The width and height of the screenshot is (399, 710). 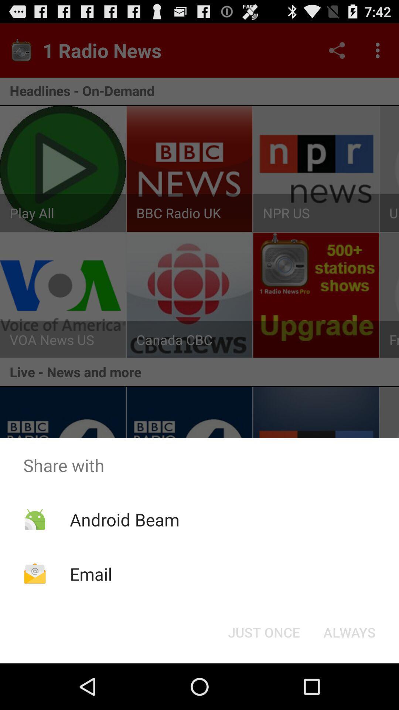 What do you see at coordinates (349, 632) in the screenshot?
I see `the always` at bounding box center [349, 632].